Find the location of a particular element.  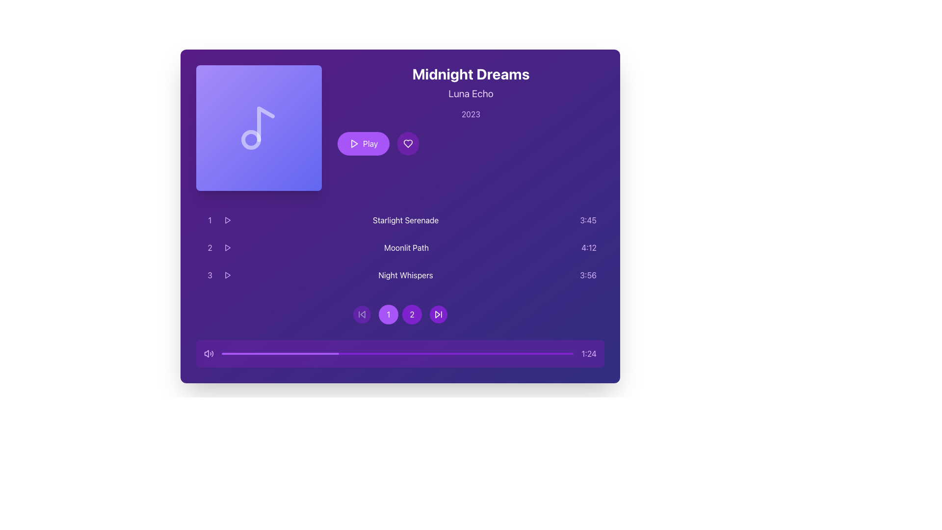

the progress is located at coordinates (258, 354).